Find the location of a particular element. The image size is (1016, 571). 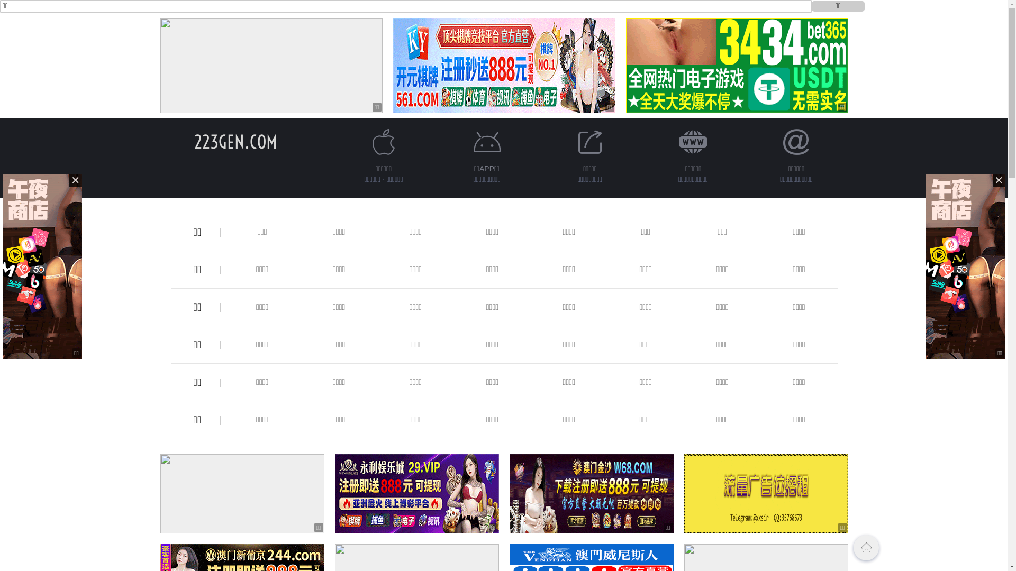

'223GEN.COM' is located at coordinates (235, 141).